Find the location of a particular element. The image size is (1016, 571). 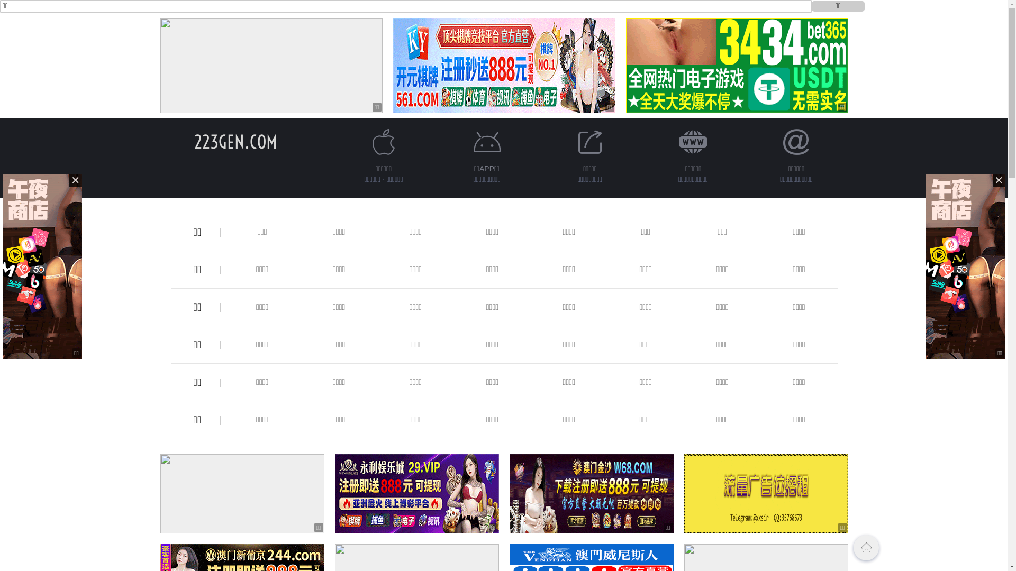

'223GEN.COM' is located at coordinates (235, 141).